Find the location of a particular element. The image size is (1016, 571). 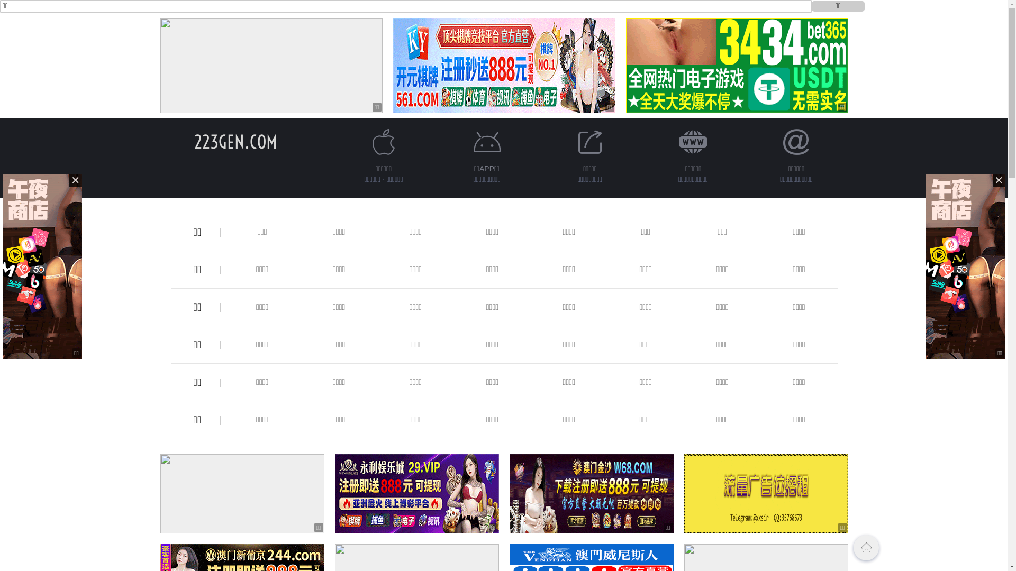

'223GEN.COM' is located at coordinates (235, 141).